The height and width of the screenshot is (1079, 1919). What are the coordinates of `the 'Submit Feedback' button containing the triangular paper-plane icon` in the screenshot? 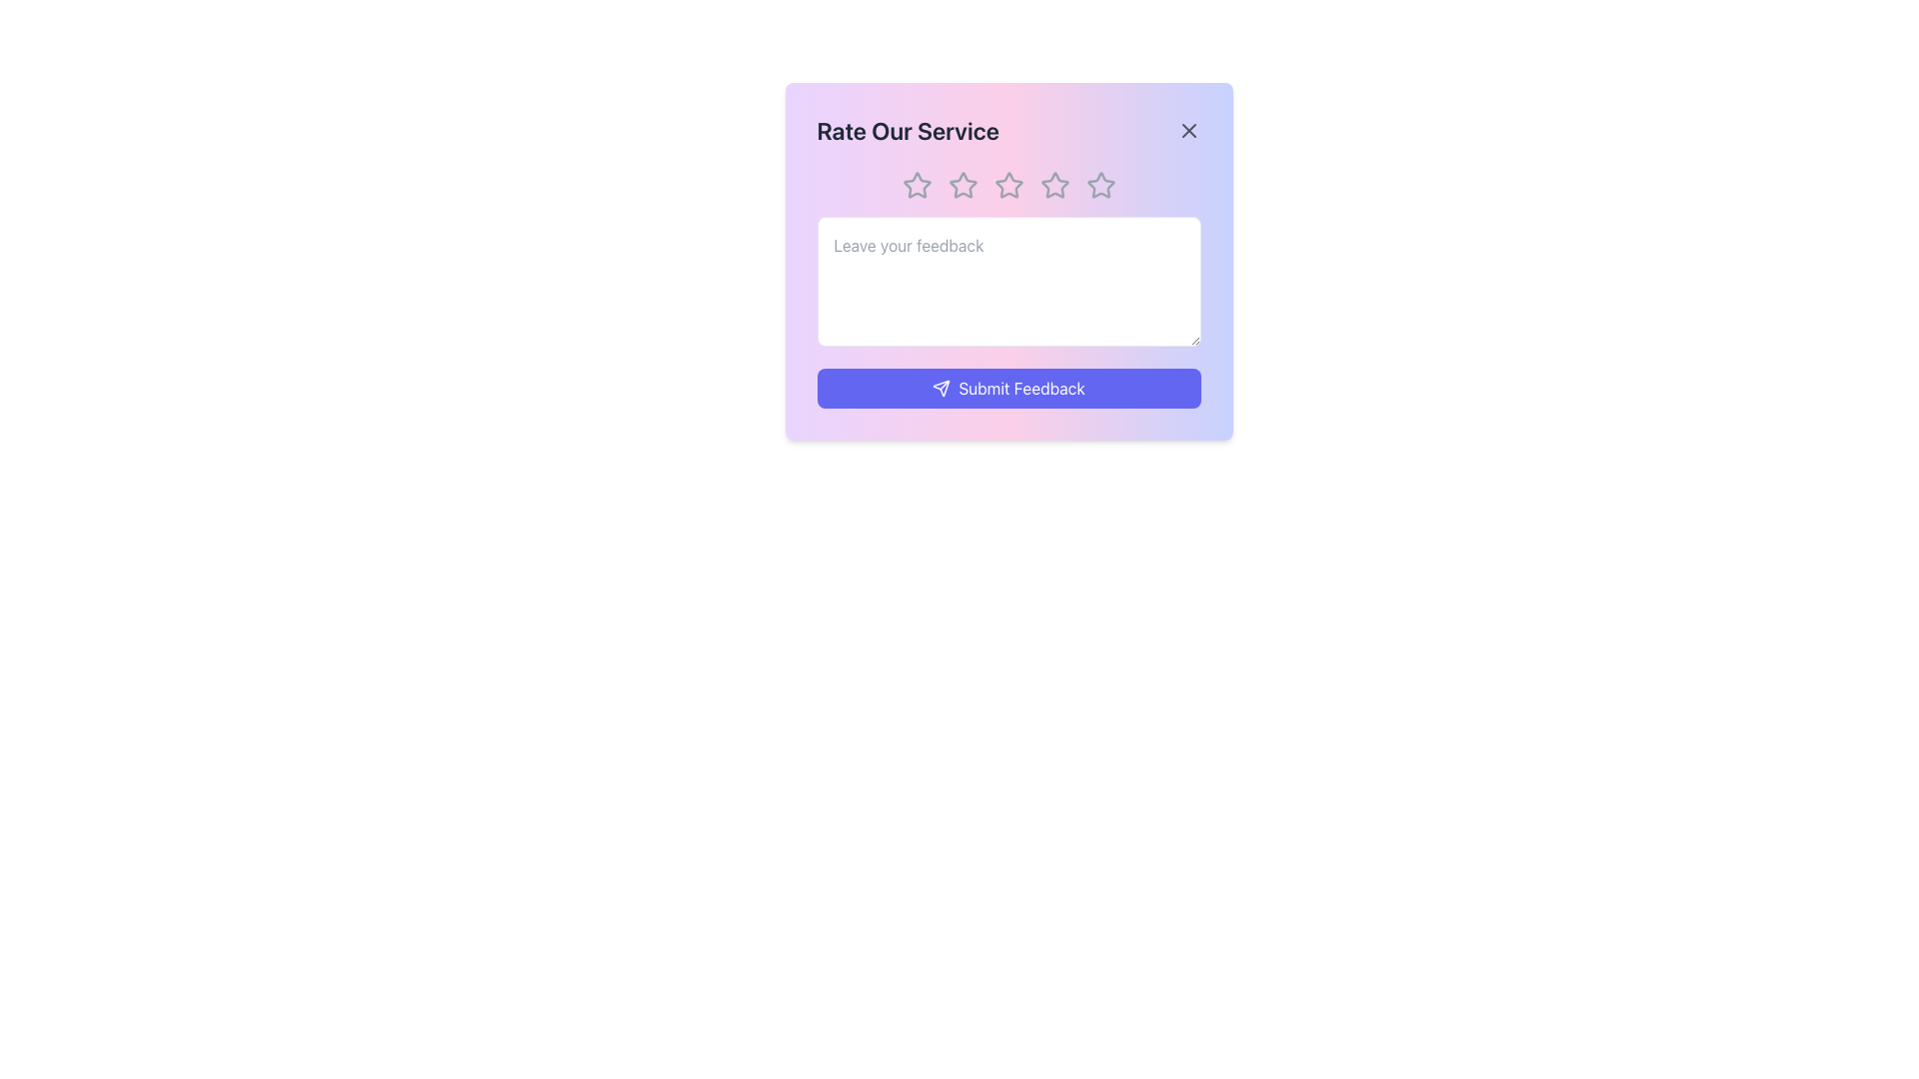 It's located at (940, 389).